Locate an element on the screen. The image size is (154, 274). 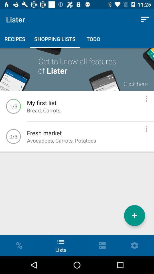
the add icon is located at coordinates (134, 215).